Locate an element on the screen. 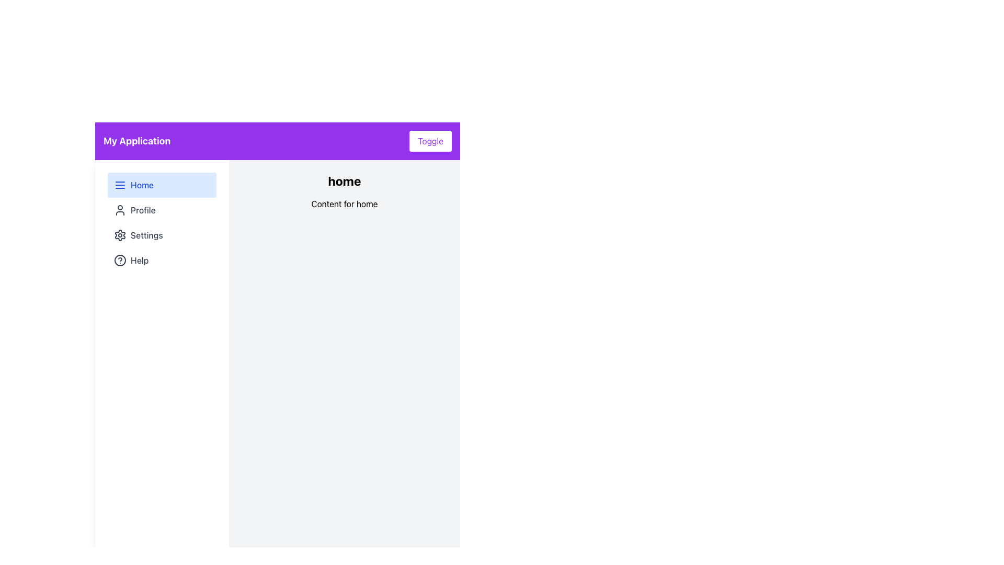  visible text of the 'Help' label located below the icons for 'Profile' and 'Settings' in the vertical navigation bar on the left side of the interface is located at coordinates (139, 259).